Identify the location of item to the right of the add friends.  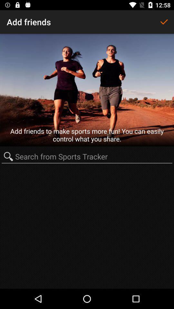
(164, 22).